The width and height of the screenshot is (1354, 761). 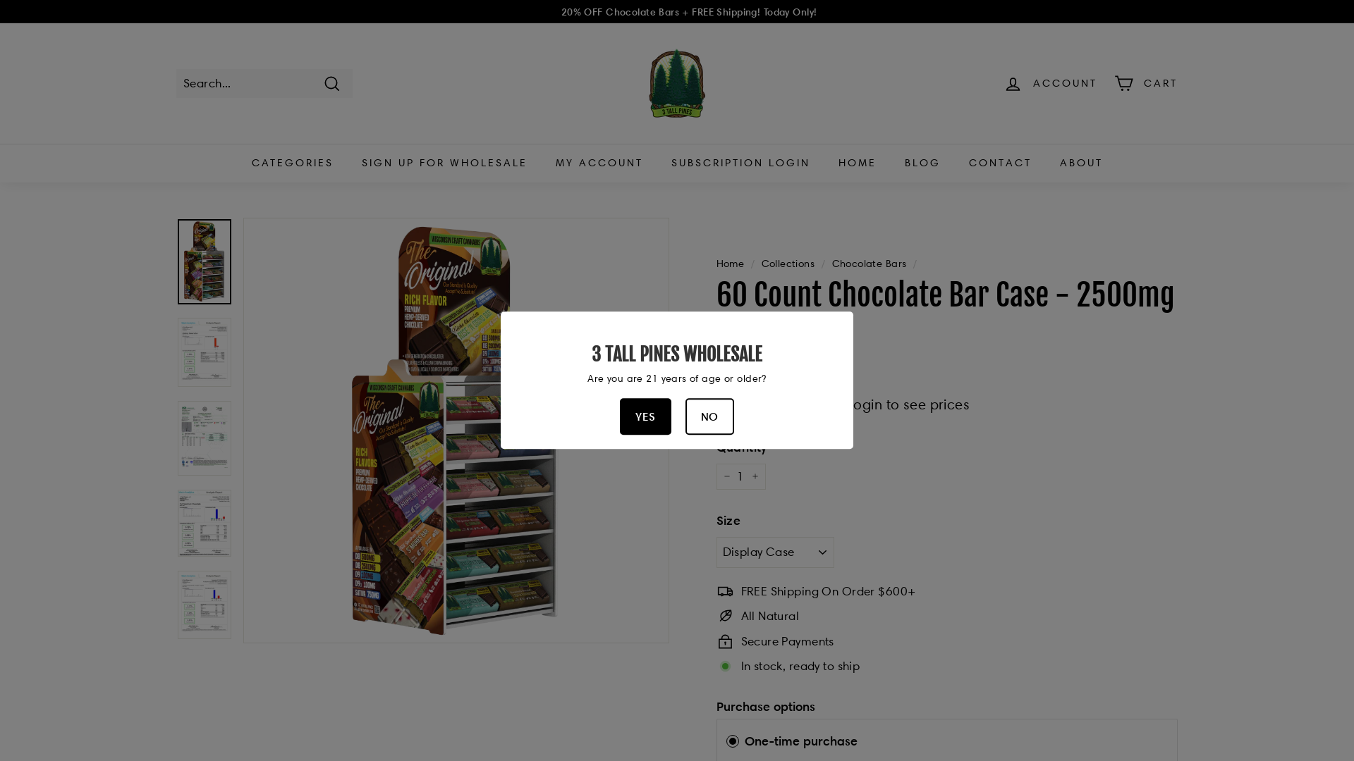 What do you see at coordinates (731, 264) in the screenshot?
I see `'Home'` at bounding box center [731, 264].